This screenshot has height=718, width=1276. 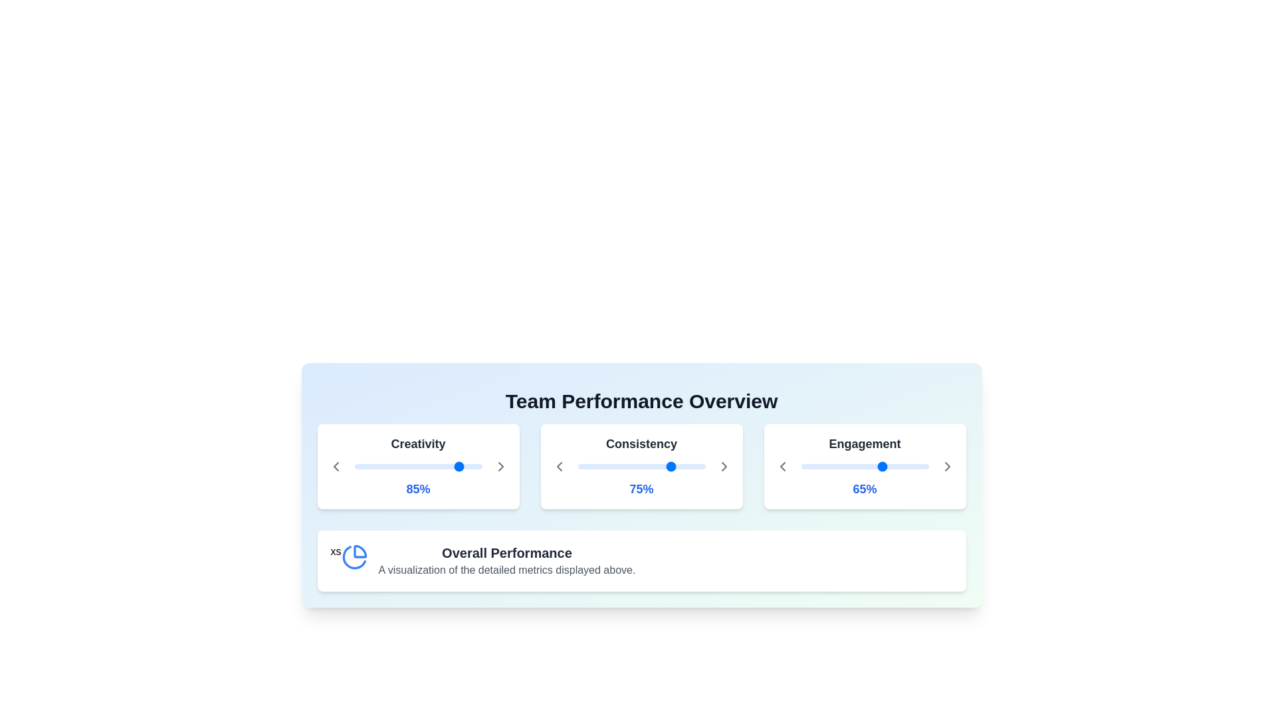 What do you see at coordinates (805, 466) in the screenshot?
I see `the Engagement slider` at bounding box center [805, 466].